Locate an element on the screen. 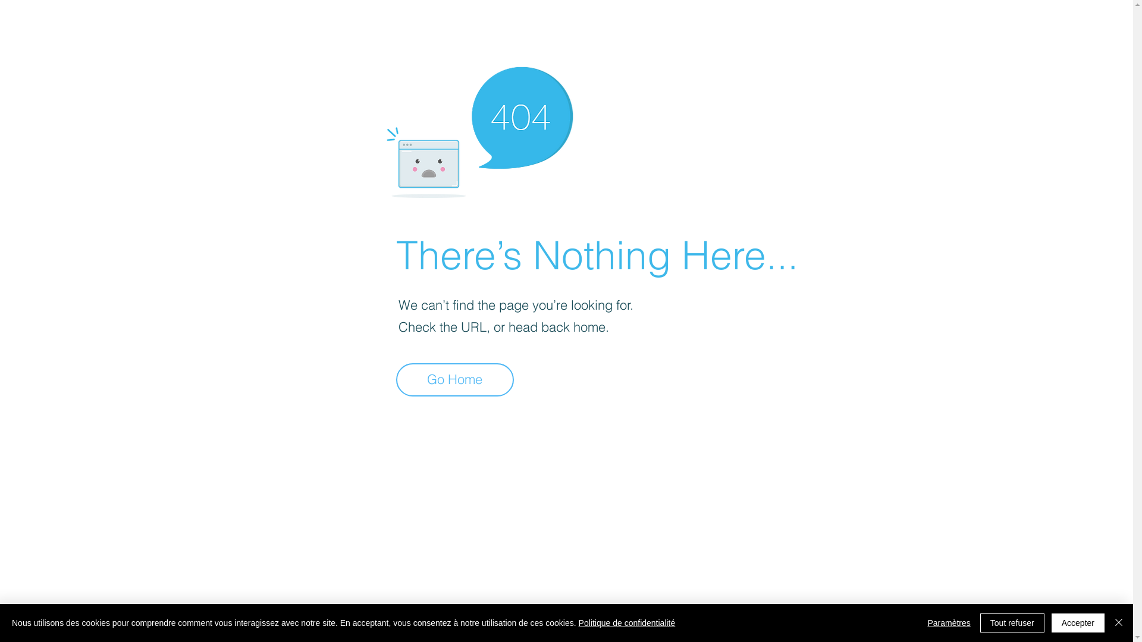 Image resolution: width=1142 pixels, height=642 pixels. 'Go Home' is located at coordinates (454, 380).